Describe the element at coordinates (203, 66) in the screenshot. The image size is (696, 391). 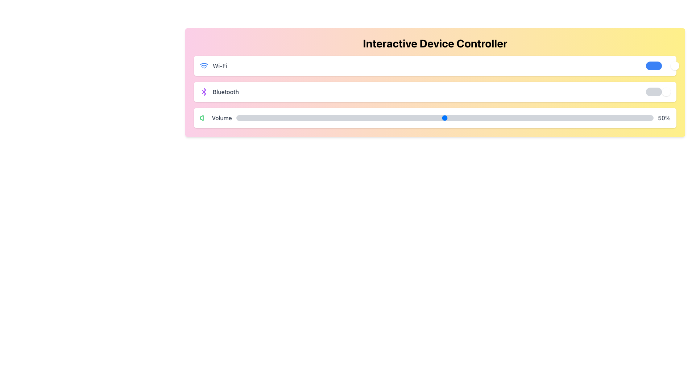
I see `the Wi-Fi icon located to the left of the 'Wi-Fi' text in the 'Interactive Device Controller' options list` at that location.